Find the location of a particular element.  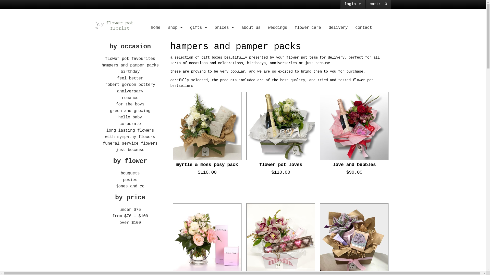

'shop' is located at coordinates (175, 28).